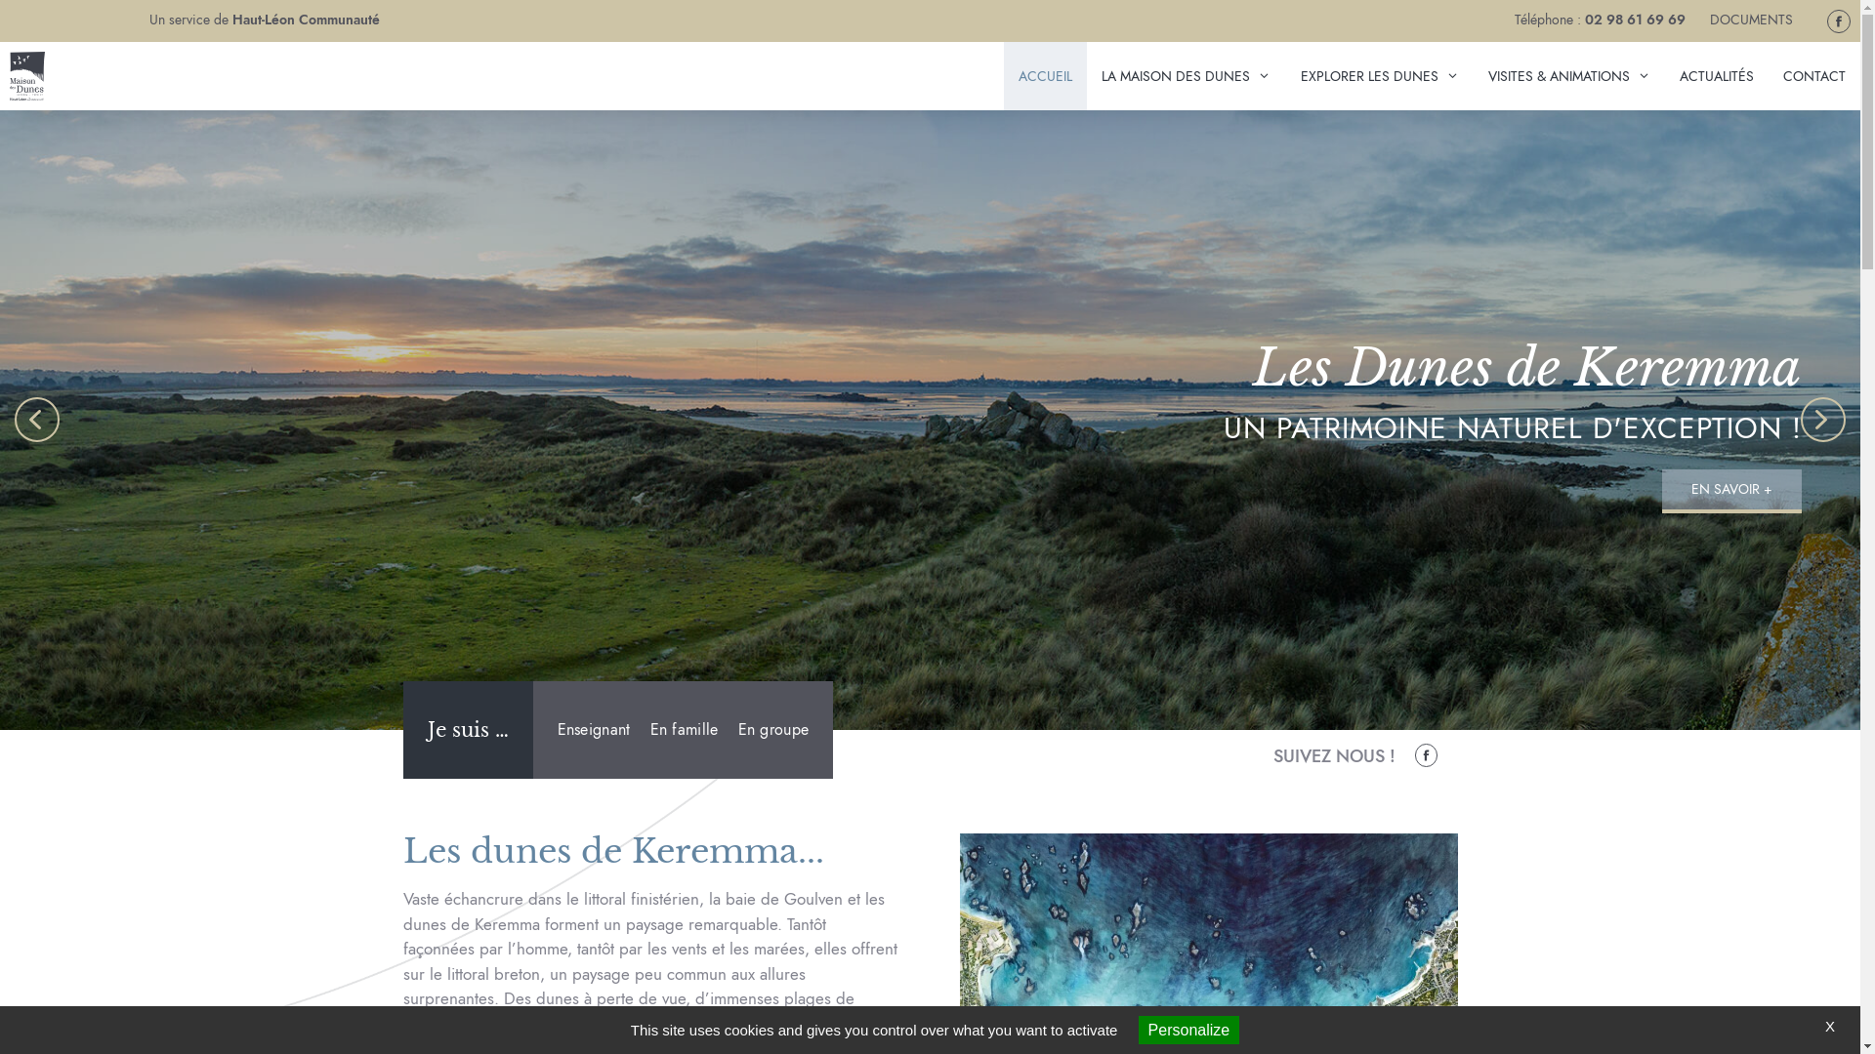  I want to click on 'DOCUMENTS', so click(1751, 19).